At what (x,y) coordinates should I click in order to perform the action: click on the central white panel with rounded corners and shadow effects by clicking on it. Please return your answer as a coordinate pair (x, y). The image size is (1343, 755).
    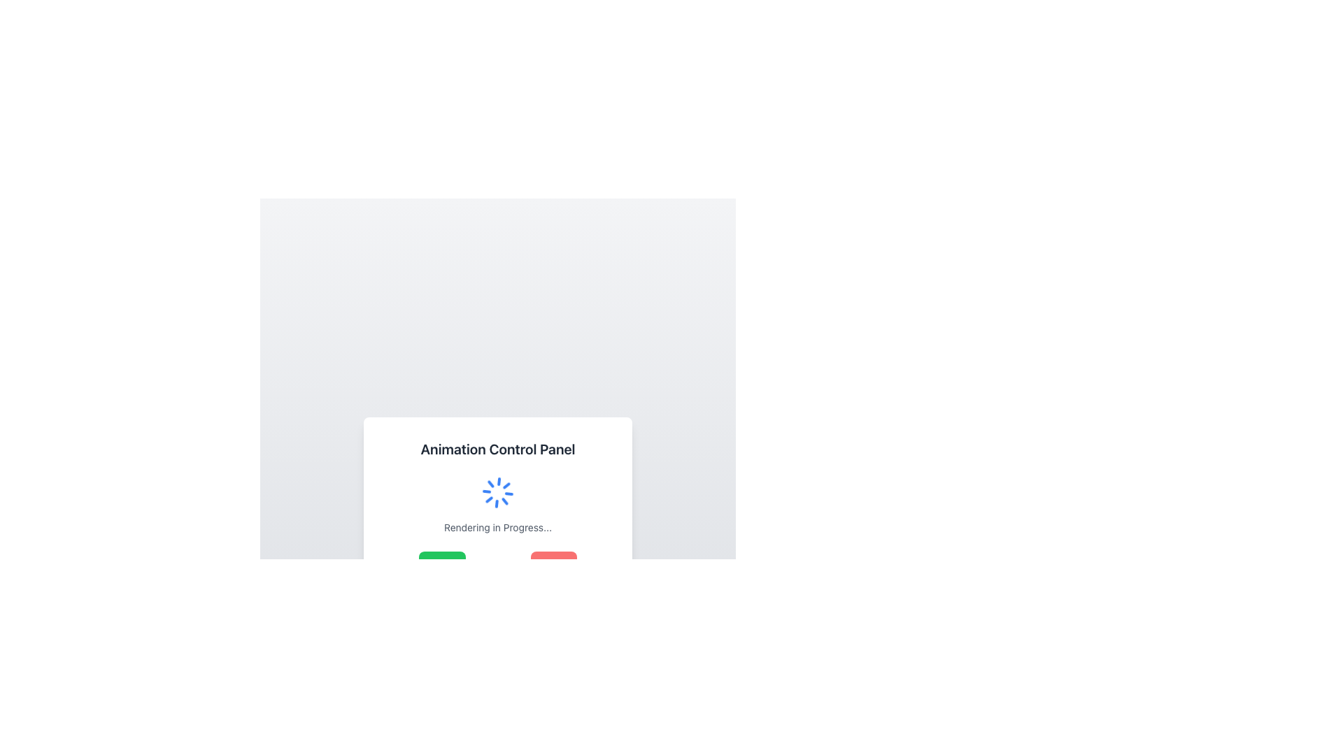
    Looking at the image, I should click on (497, 576).